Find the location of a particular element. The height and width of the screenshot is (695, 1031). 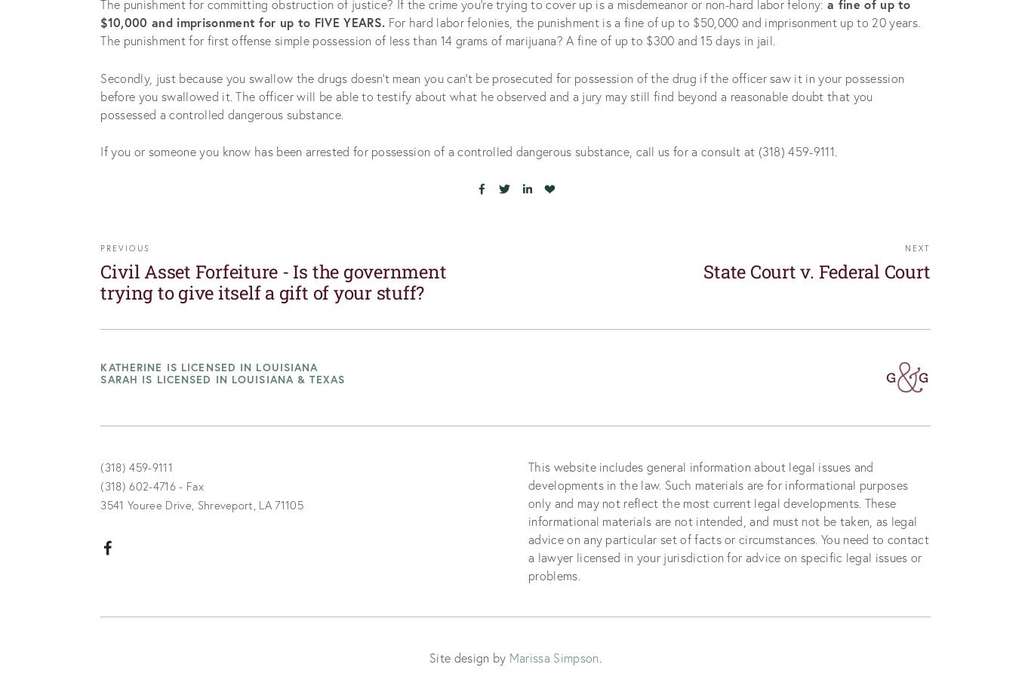

'This website includes general information about legal issues and developments in the law. Such materials are for informational purposes only and may not reflect the most current legal developments. These informational materials are not intended, and must not be taken, as legal advice on any particular set of facts or circumstances. You need to contact a lawyer licensed in your jurisdiction for advice on specific legal issues or problems.' is located at coordinates (728, 520).